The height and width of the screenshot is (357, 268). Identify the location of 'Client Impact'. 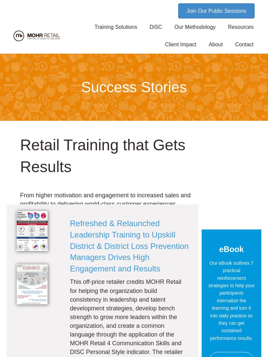
(181, 44).